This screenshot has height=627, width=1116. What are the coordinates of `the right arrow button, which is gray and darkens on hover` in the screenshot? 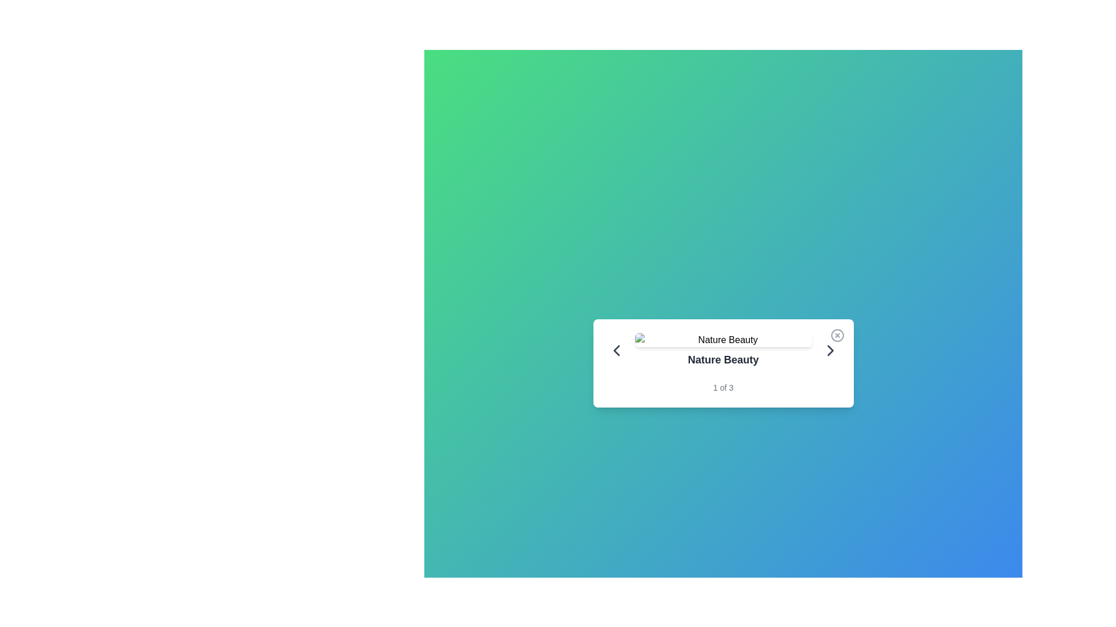 It's located at (829, 350).